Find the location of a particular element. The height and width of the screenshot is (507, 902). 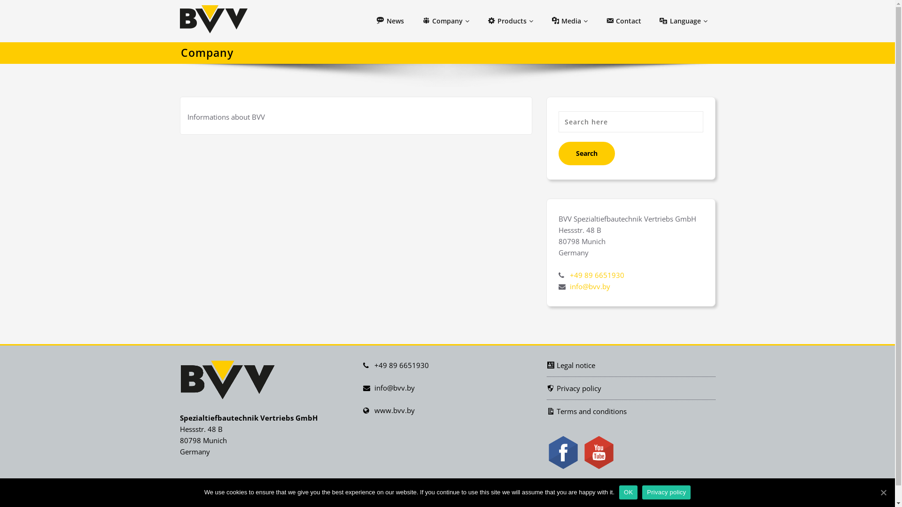

'Company' is located at coordinates (444, 21).